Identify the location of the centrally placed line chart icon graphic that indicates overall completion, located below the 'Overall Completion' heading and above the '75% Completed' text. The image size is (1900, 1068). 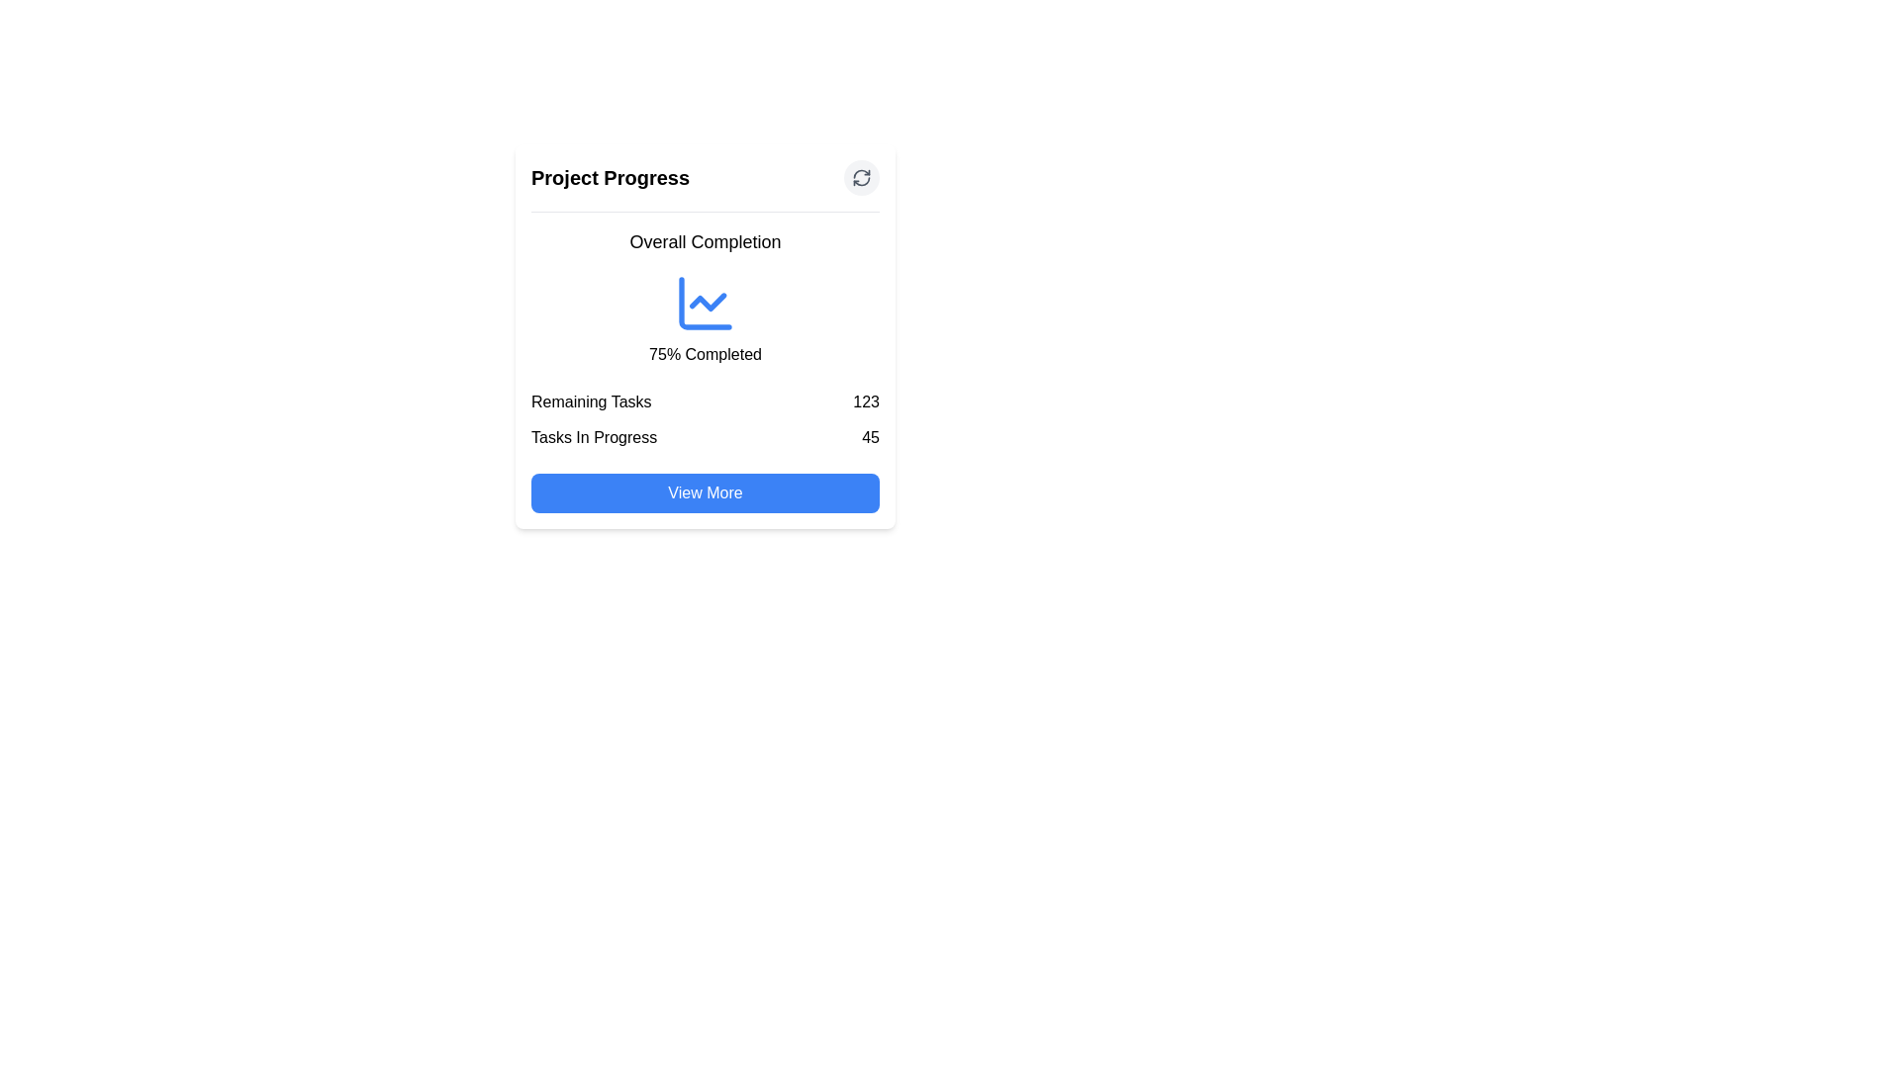
(706, 304).